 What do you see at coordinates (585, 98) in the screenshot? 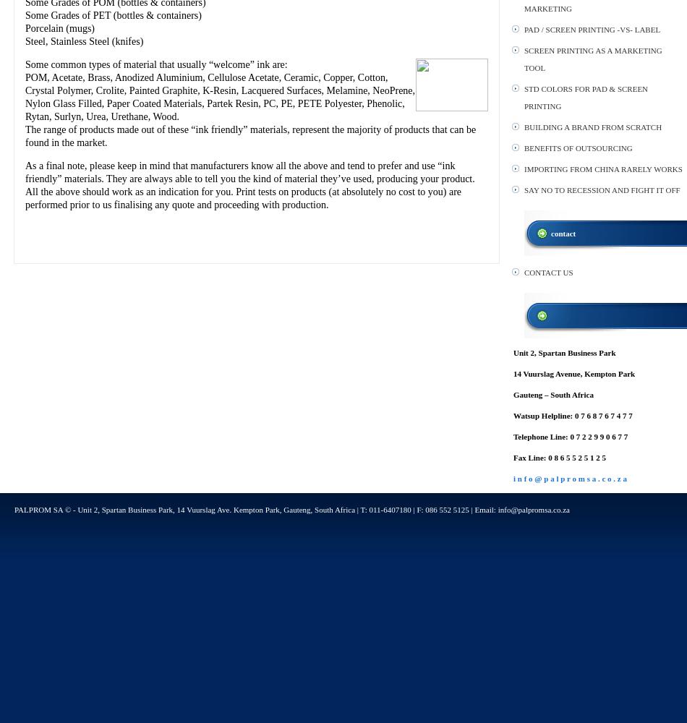
I see `'STD COLORS FOR PAD & SCREEN PRINTING'` at bounding box center [585, 98].